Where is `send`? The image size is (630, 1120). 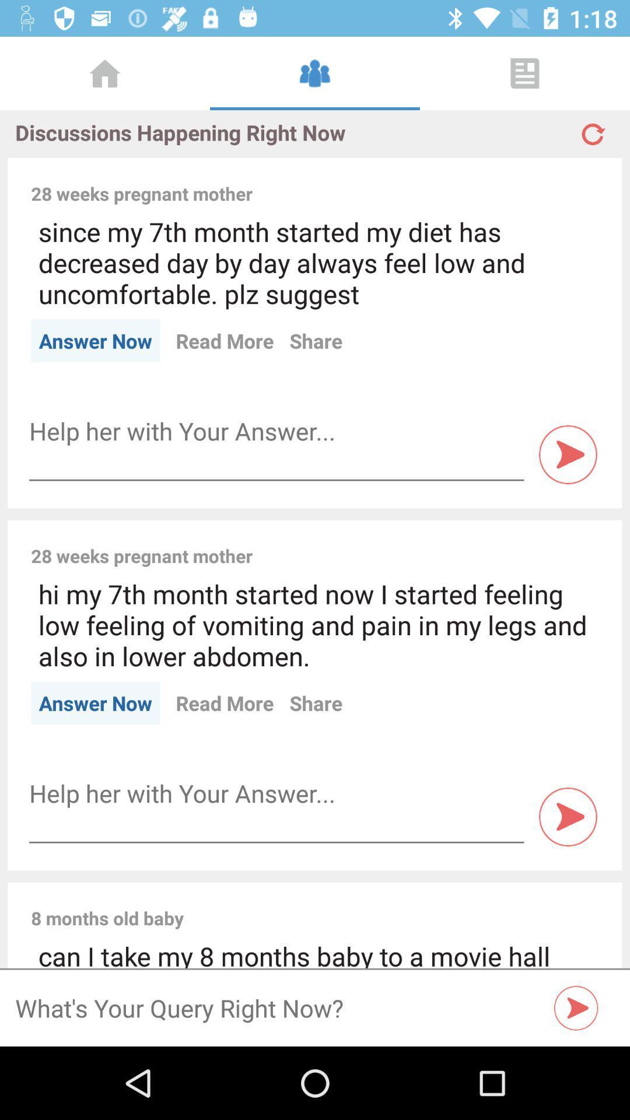
send is located at coordinates (568, 816).